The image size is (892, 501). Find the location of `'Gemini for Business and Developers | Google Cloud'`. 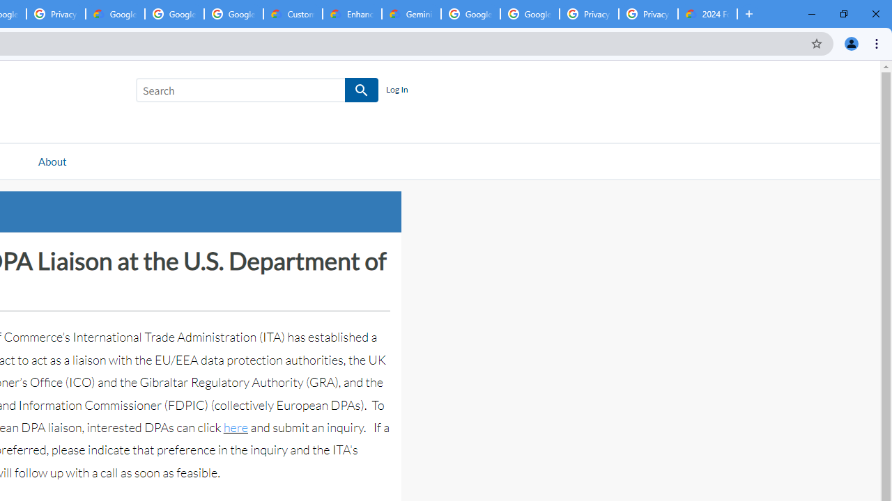

'Gemini for Business and Developers | Google Cloud' is located at coordinates (410, 14).